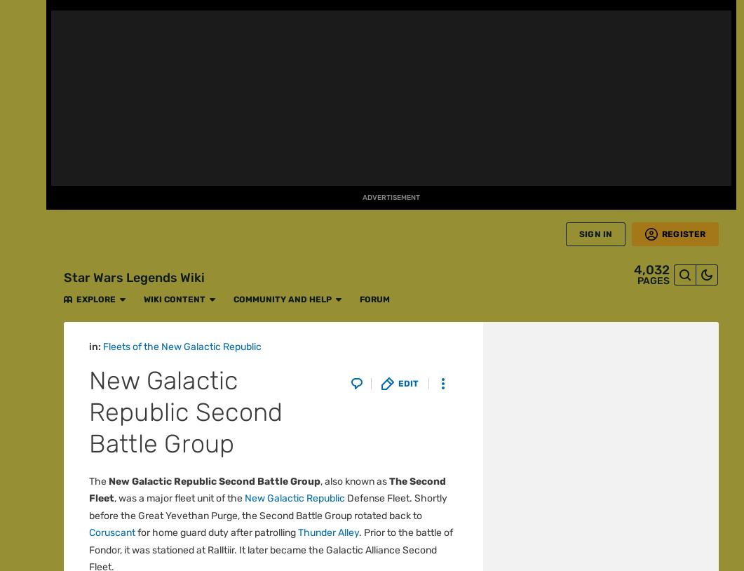 This screenshot has width=744, height=571. What do you see at coordinates (22, 504) in the screenshot?
I see `'Start a Wiki'` at bounding box center [22, 504].